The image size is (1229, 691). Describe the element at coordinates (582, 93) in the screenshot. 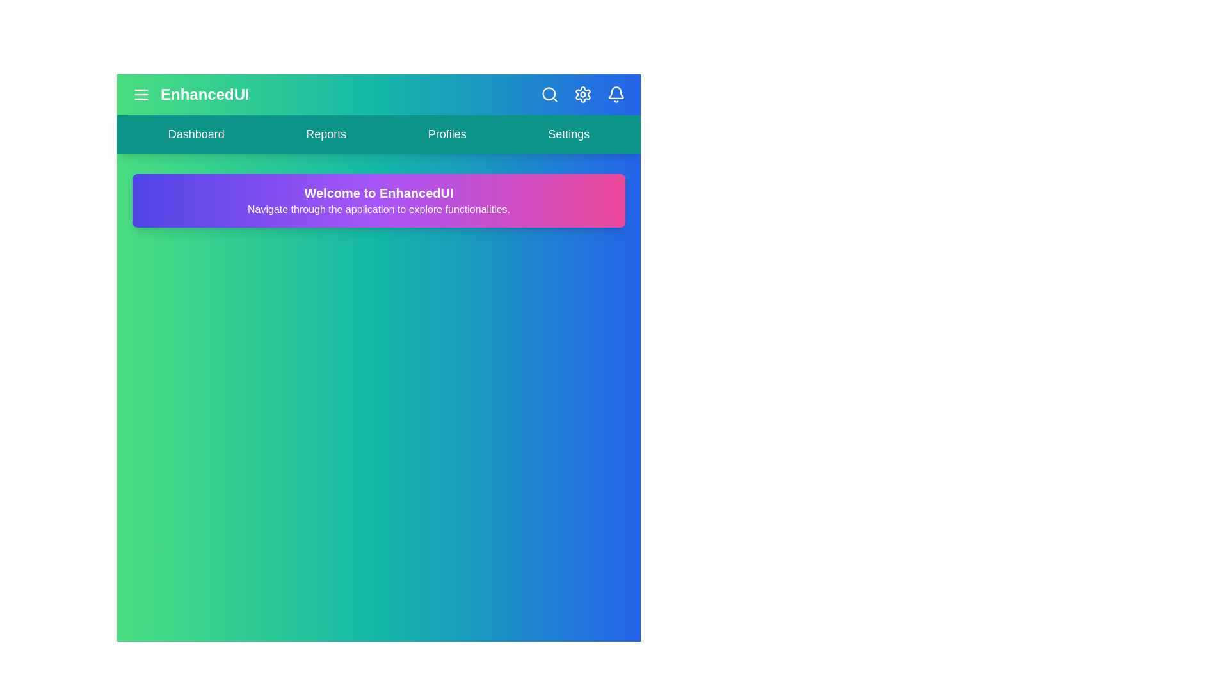

I see `the settings icon in the header` at that location.